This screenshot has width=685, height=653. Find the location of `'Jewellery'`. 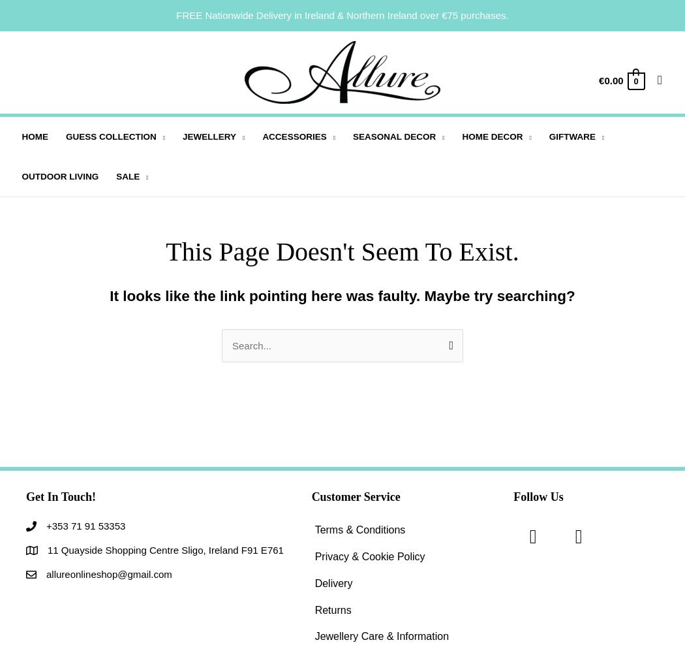

'Jewellery' is located at coordinates (182, 136).